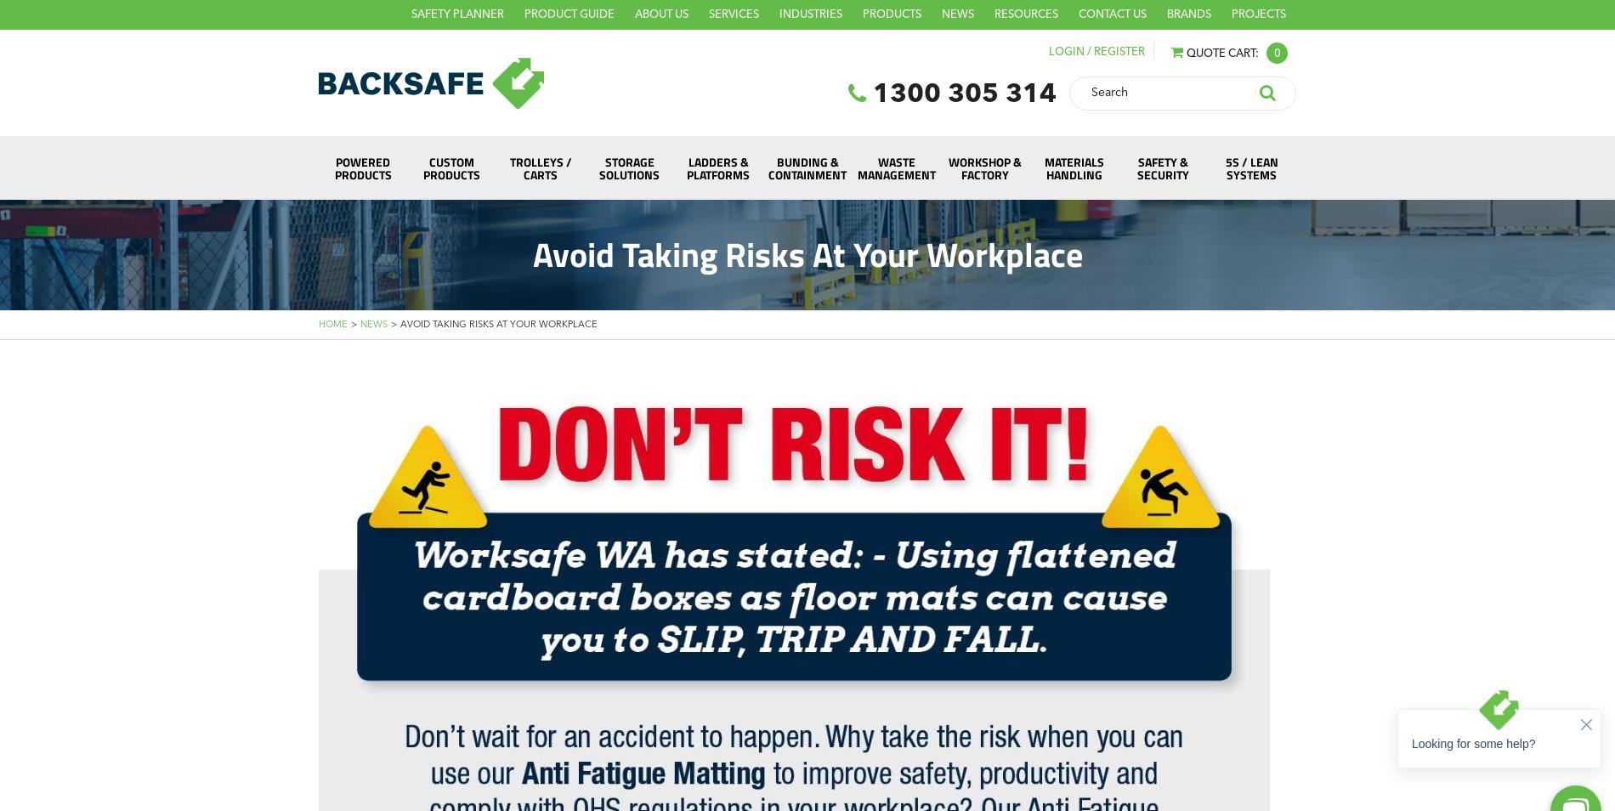 This screenshot has width=1615, height=811. What do you see at coordinates (717, 167) in the screenshot?
I see `'Ladders & Platforms'` at bounding box center [717, 167].